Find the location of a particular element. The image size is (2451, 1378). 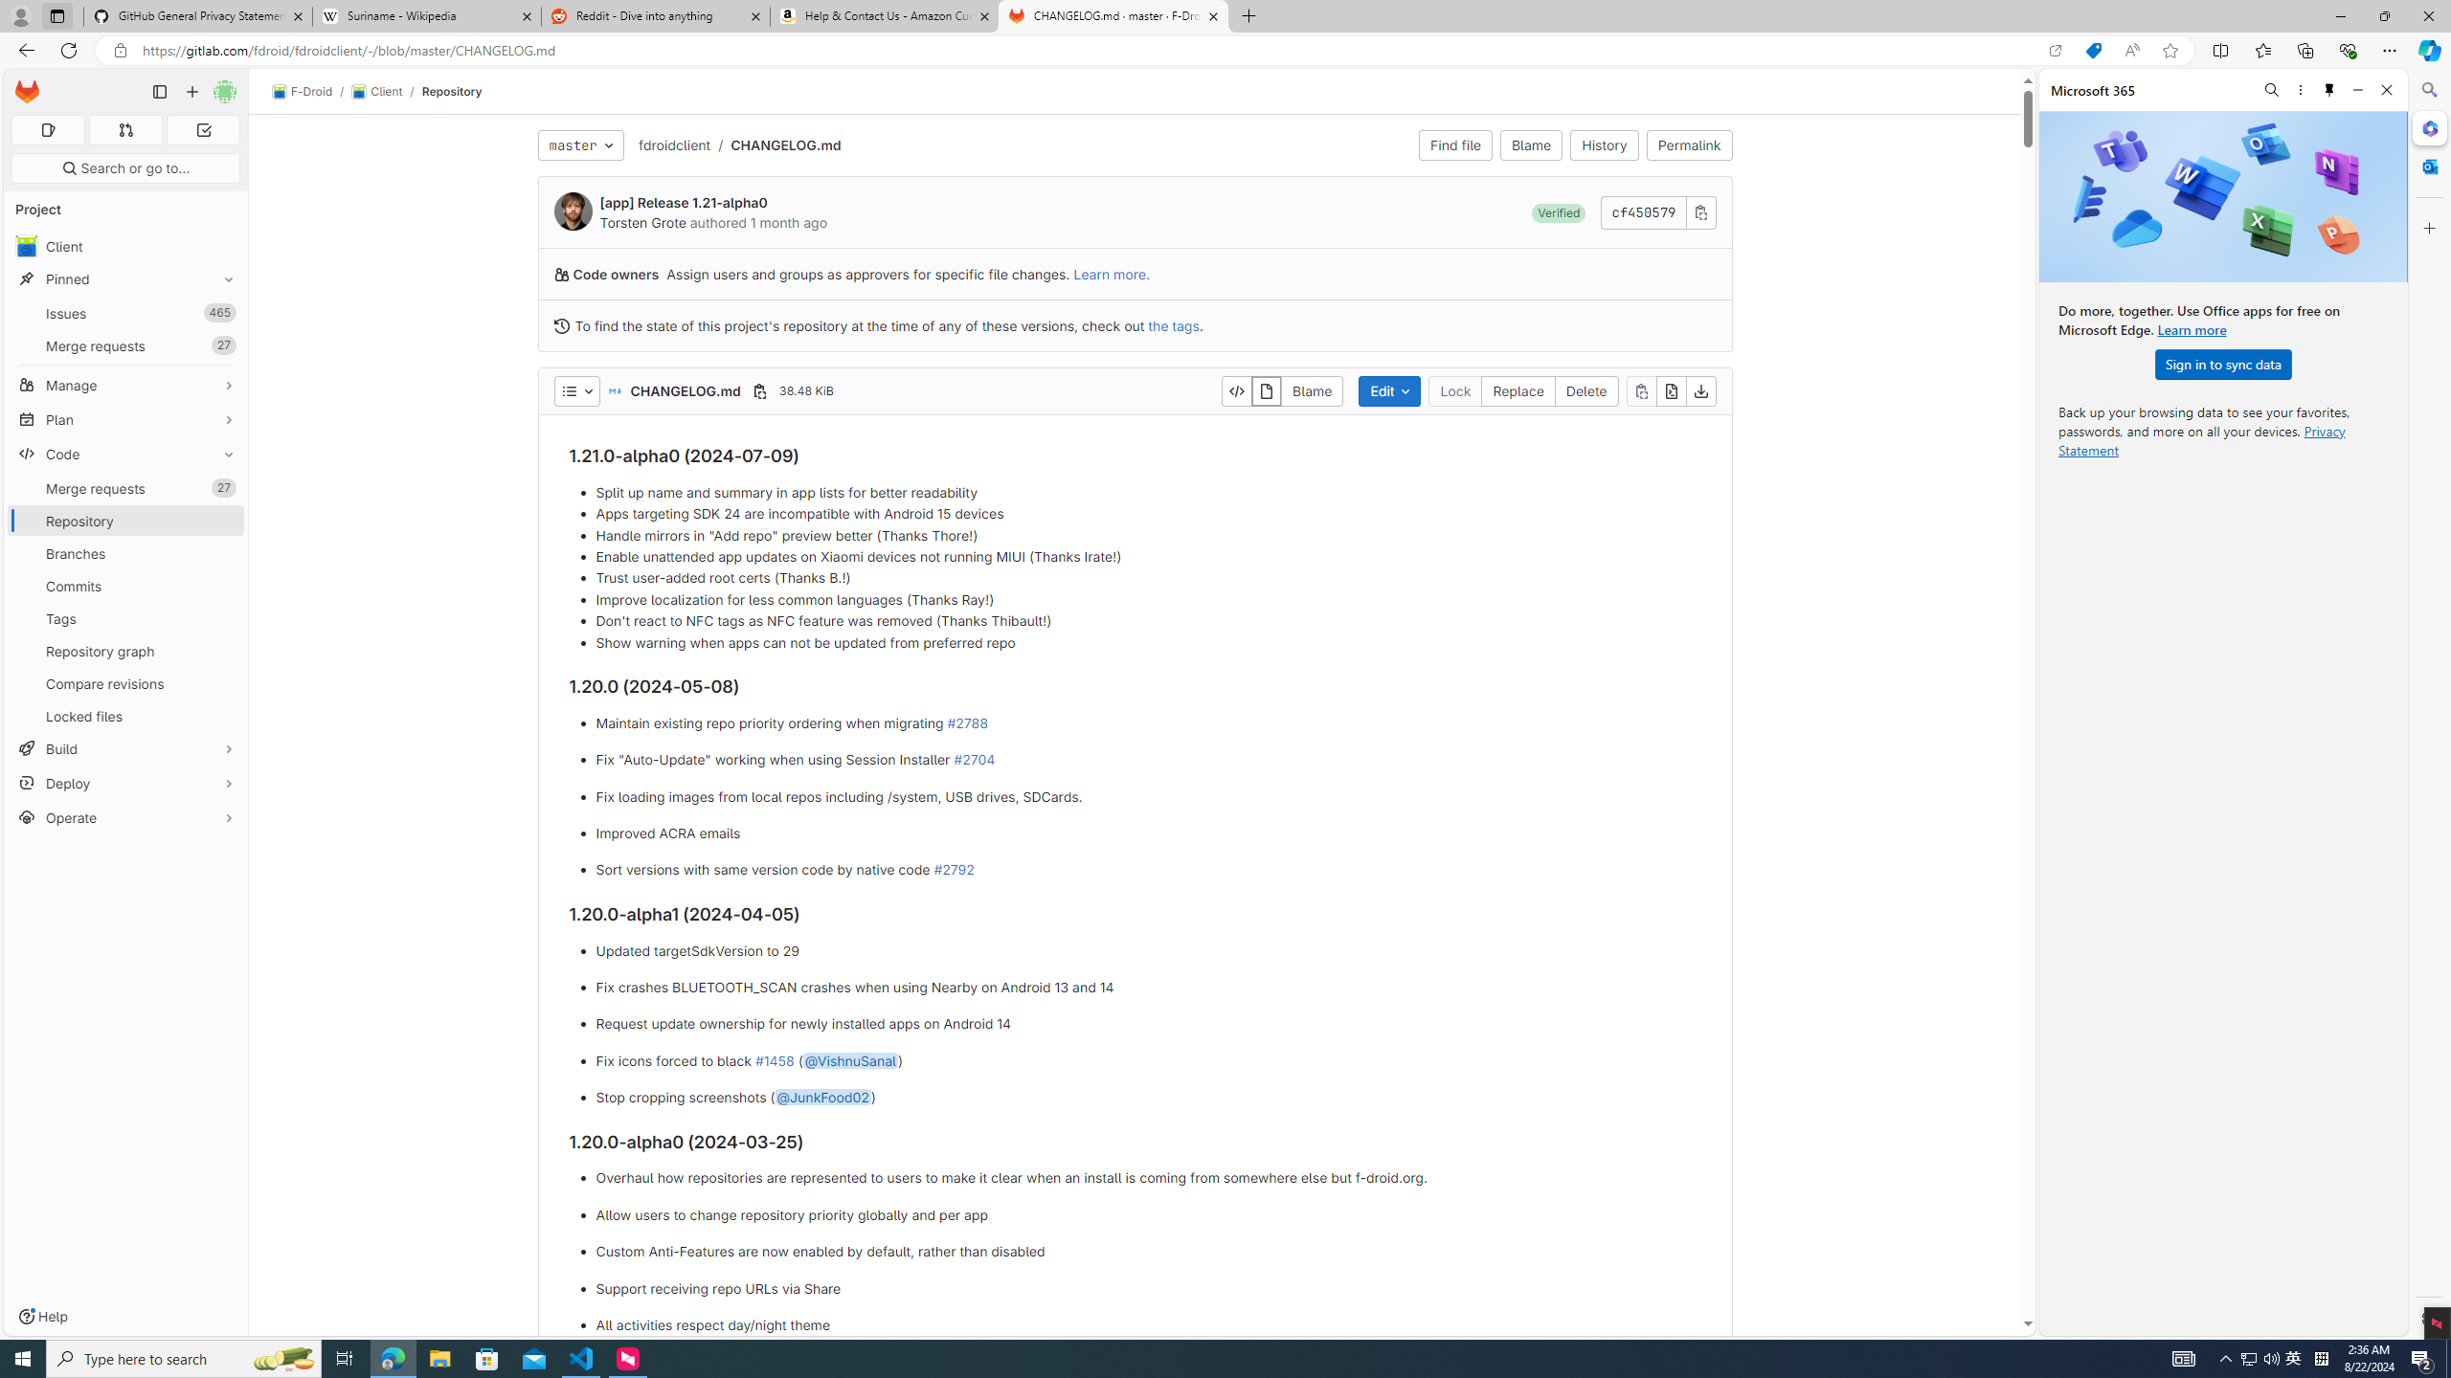

'Deploy' is located at coordinates (124, 782).